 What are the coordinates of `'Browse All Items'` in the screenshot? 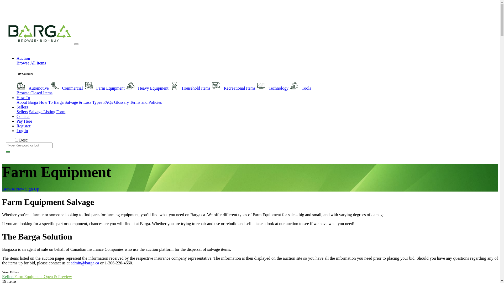 It's located at (31, 63).